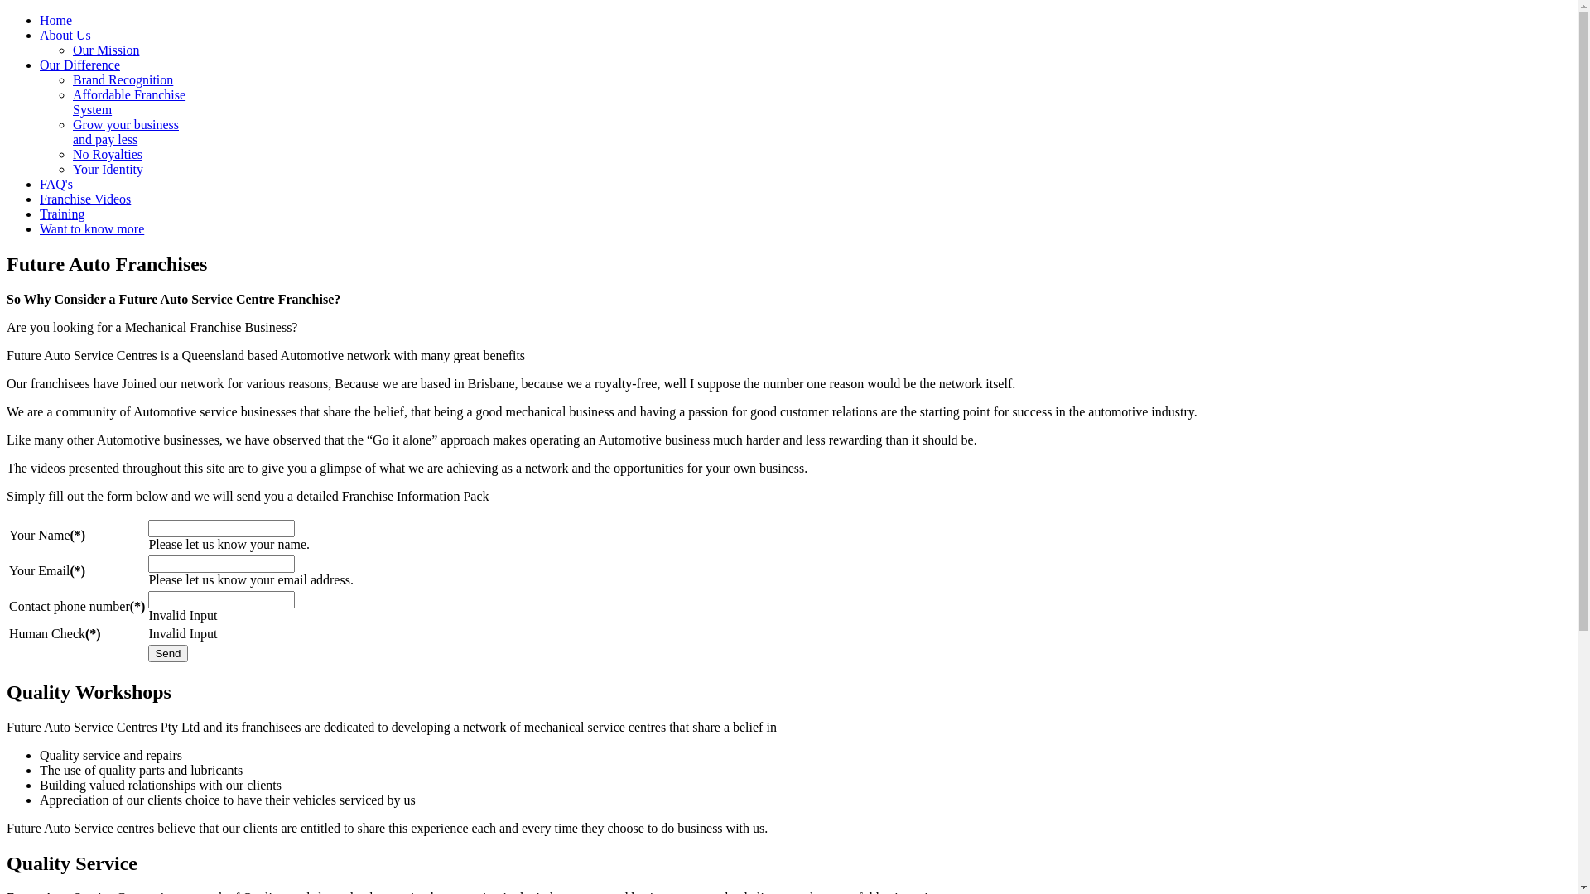 The height and width of the screenshot is (894, 1590). Describe the element at coordinates (55, 20) in the screenshot. I see `'Home'` at that location.